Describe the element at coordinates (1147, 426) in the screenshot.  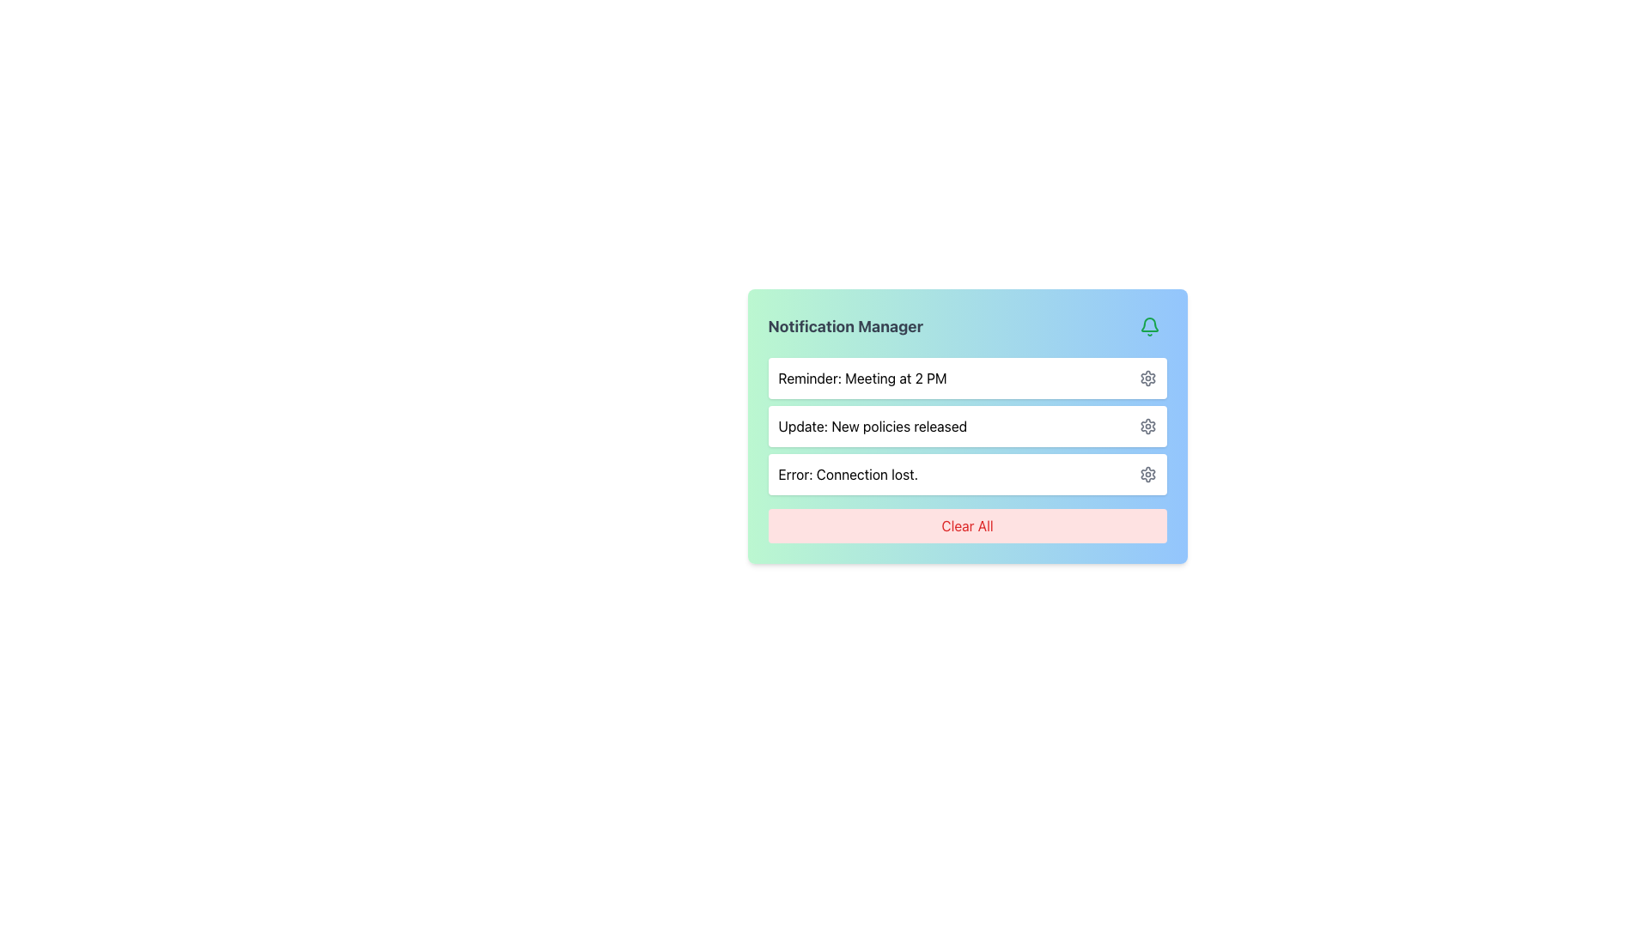
I see `the circular gear icon located adjacent to the text 'Update: New policies released' to interact with the associated settings or actions` at that location.